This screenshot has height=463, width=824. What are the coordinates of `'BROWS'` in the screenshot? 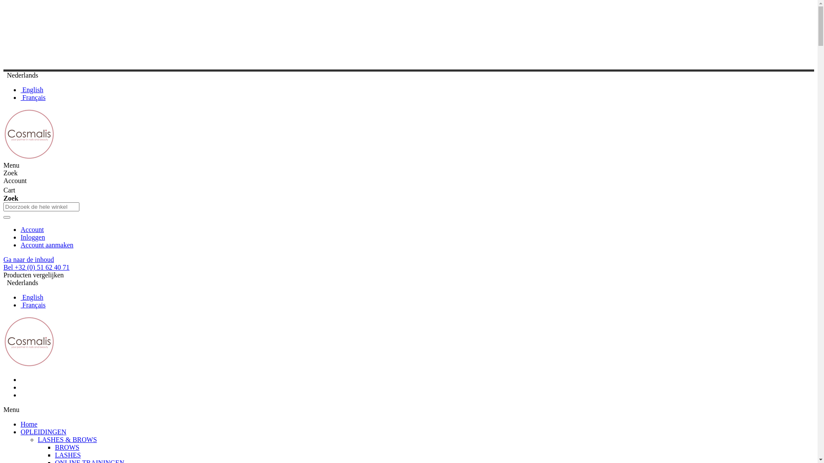 It's located at (67, 447).